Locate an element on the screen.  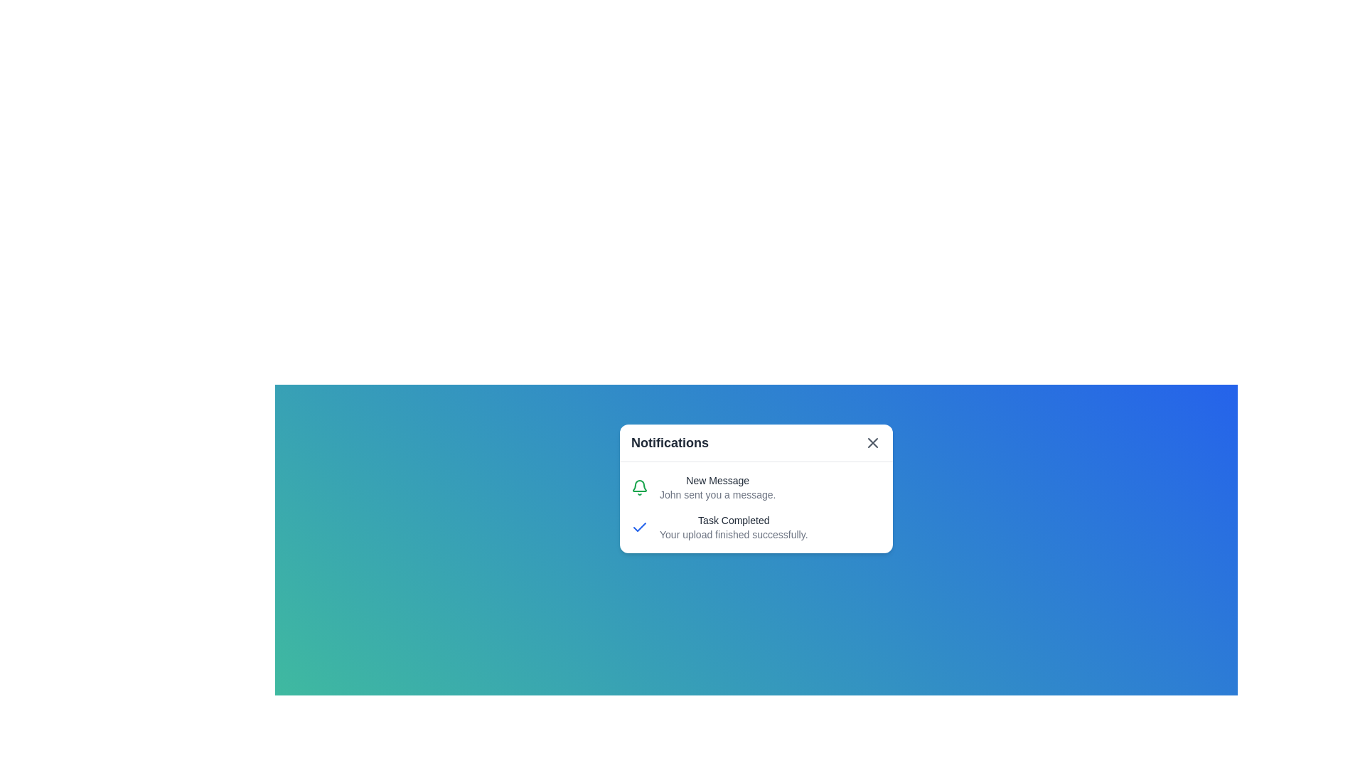
the Notification Panel, which displays recent updates including a new message notification and task completion status, located beneath the 'Notifications' title is located at coordinates (756, 506).